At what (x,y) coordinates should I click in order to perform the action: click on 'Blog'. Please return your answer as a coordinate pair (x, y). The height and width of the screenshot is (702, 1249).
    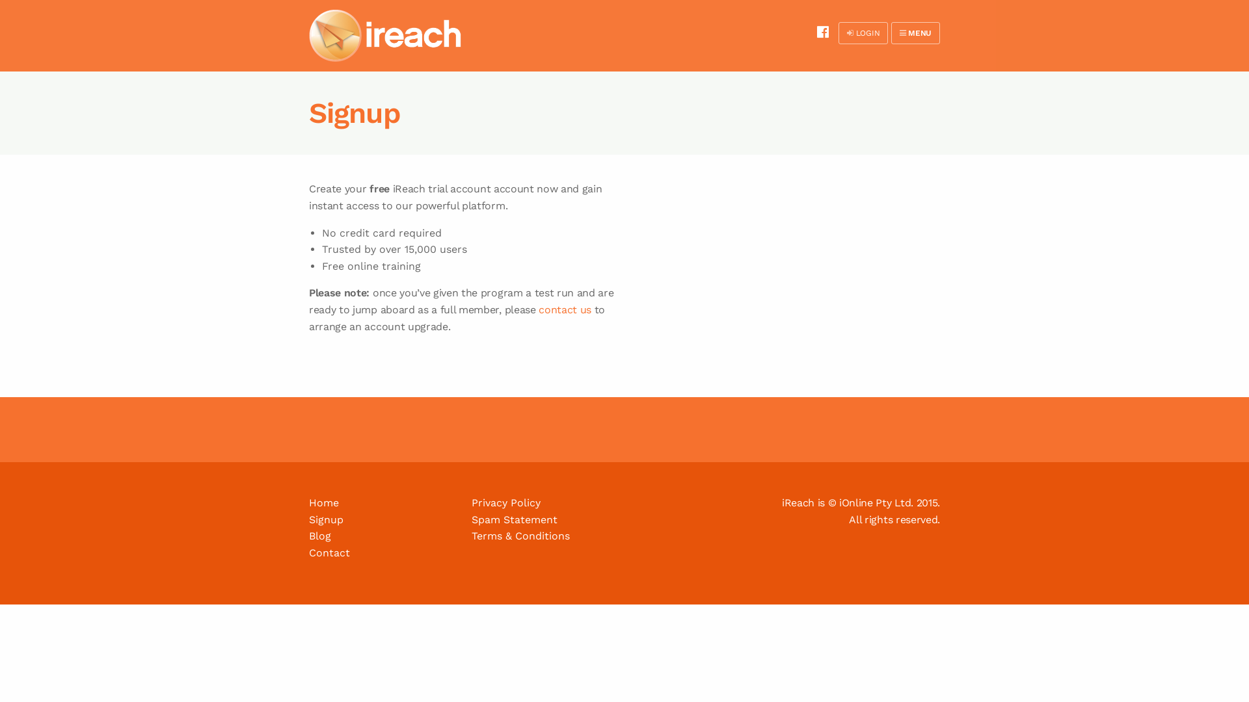
    Looking at the image, I should click on (319, 536).